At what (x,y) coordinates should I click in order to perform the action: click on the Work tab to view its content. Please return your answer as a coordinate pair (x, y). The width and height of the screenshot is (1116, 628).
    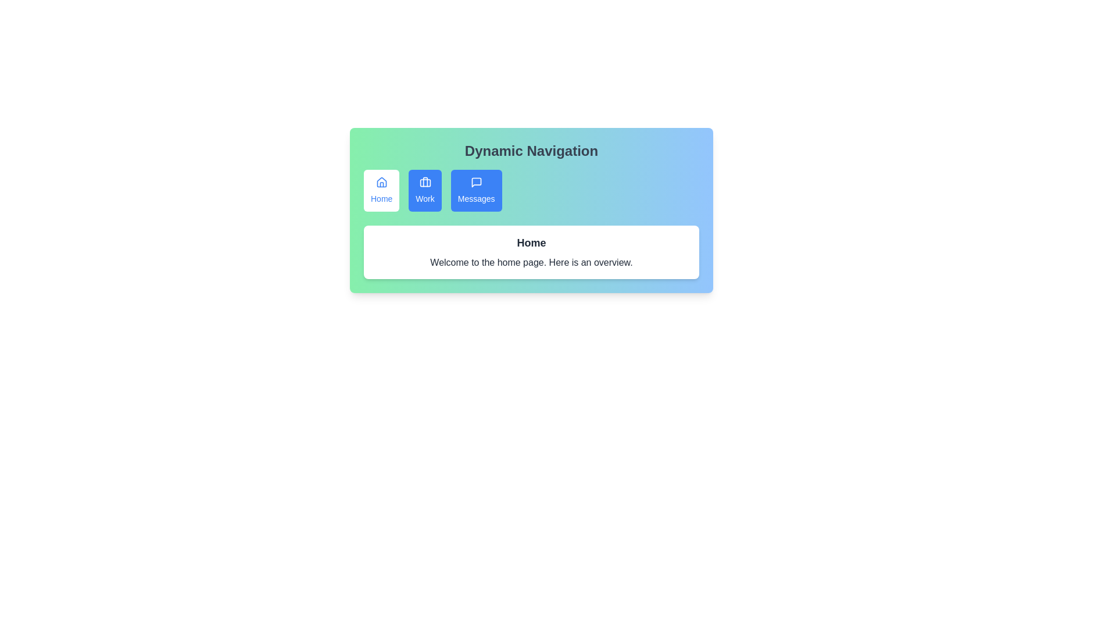
    Looking at the image, I should click on (424, 190).